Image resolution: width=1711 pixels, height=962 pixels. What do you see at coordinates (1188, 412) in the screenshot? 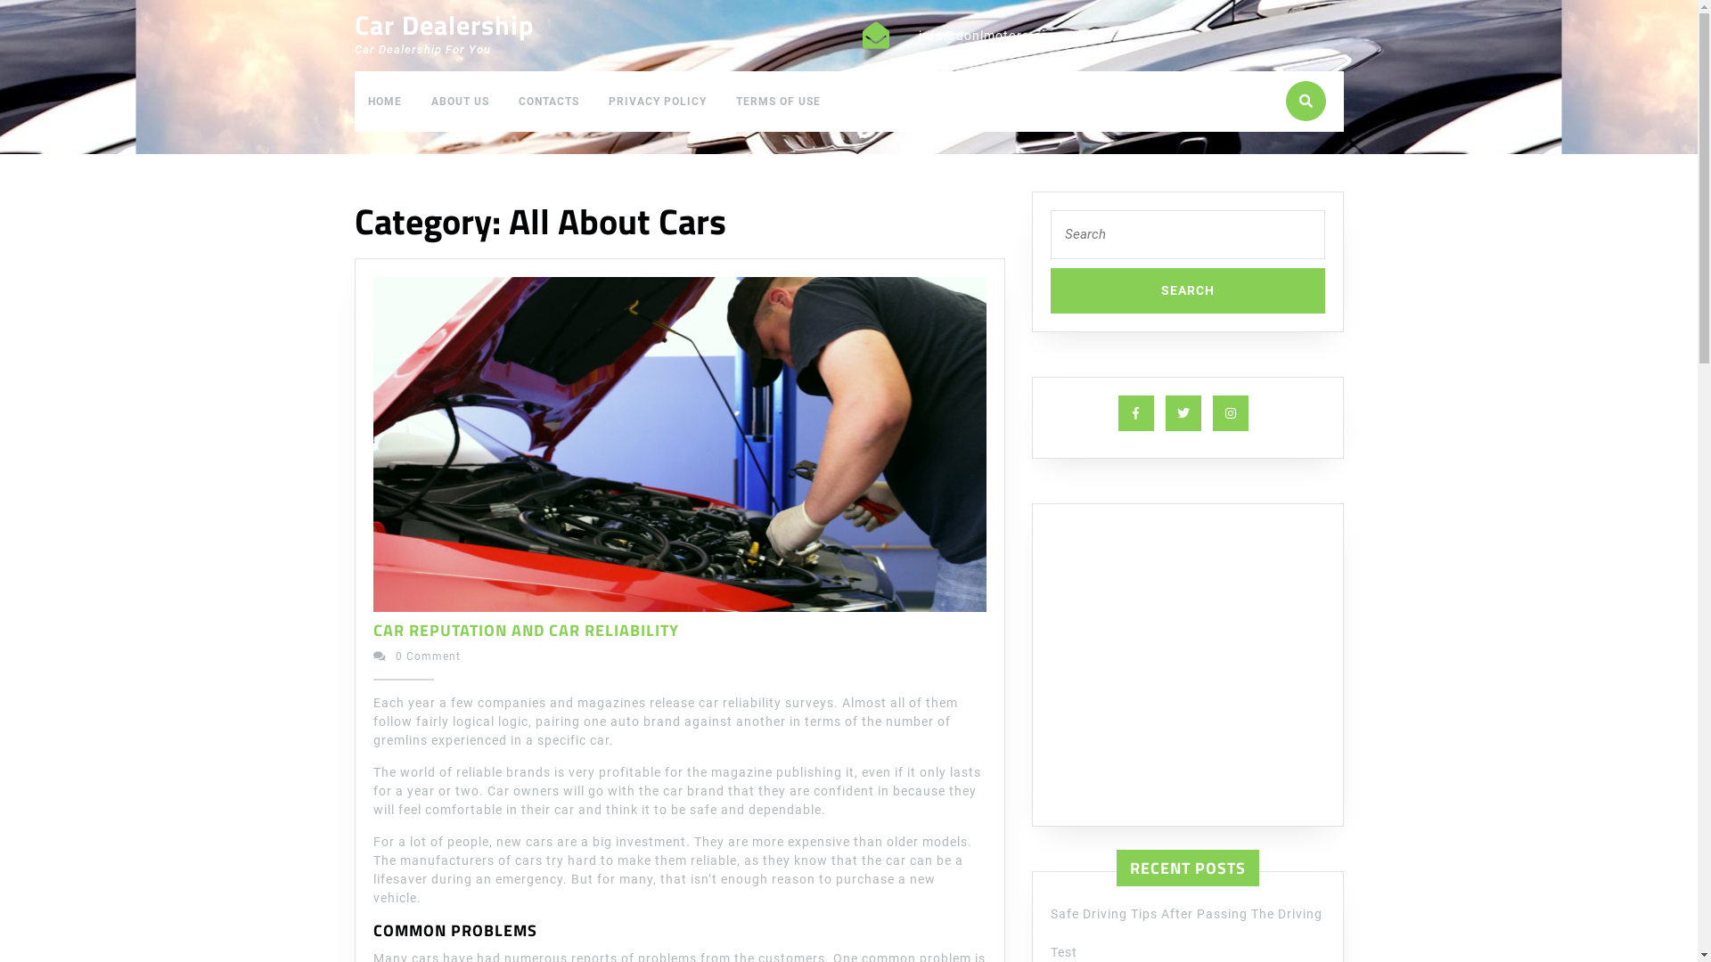
I see `'Twitter'` at bounding box center [1188, 412].